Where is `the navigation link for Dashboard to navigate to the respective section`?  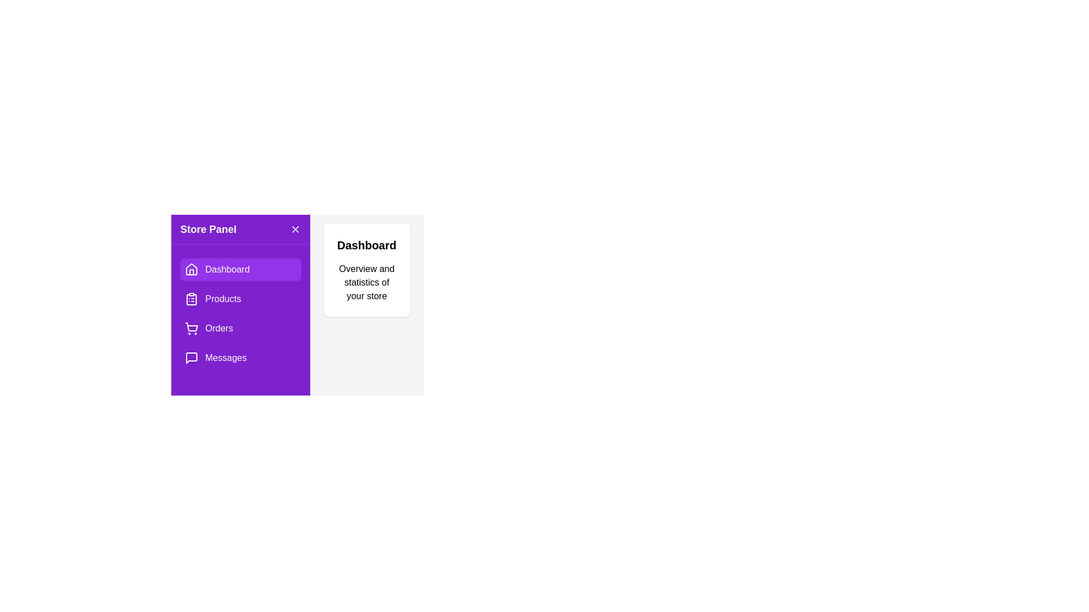 the navigation link for Dashboard to navigate to the respective section is located at coordinates (239, 269).